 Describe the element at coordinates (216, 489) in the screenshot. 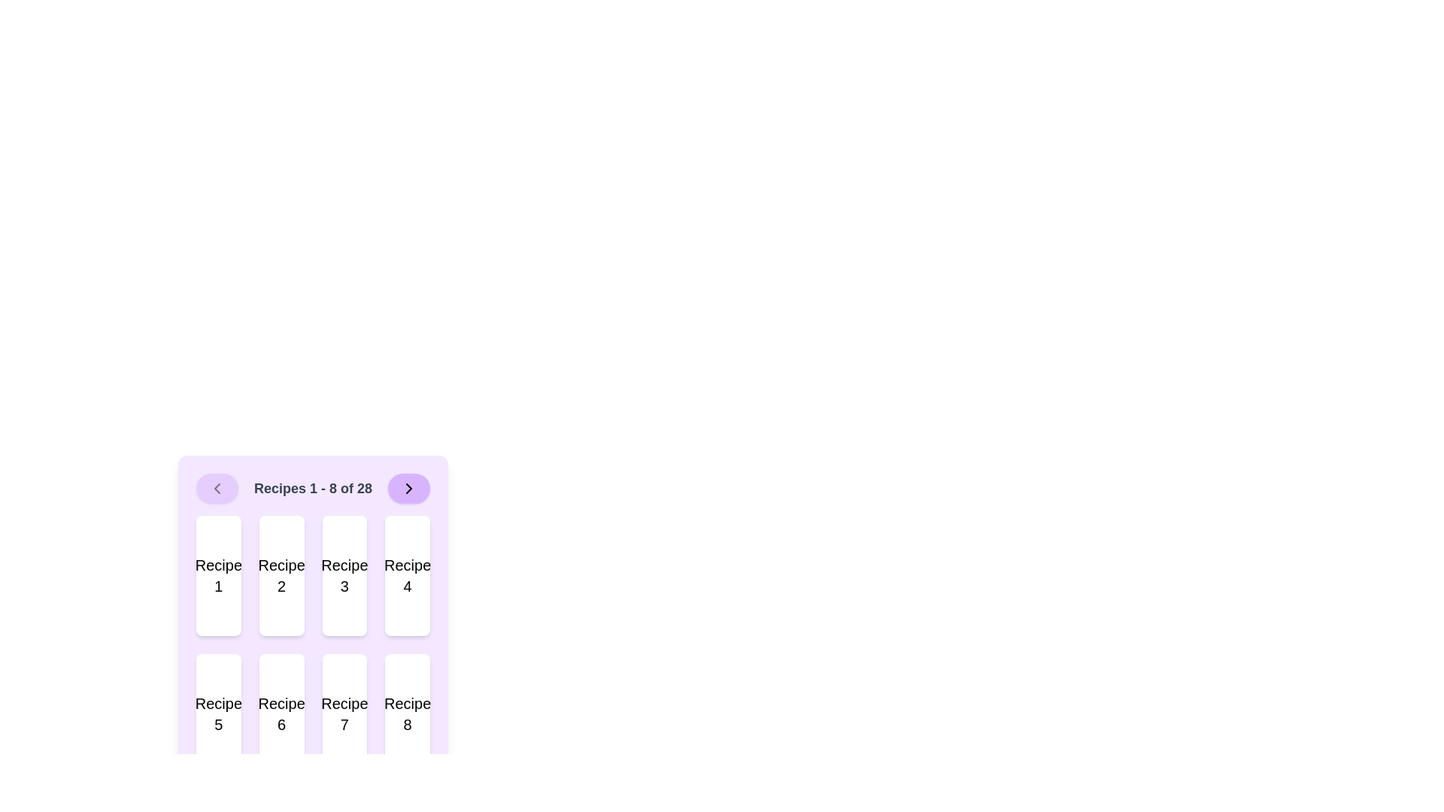

I see `the purple circular button with a left arrow icon located on the left side of the navigation control bar` at that location.